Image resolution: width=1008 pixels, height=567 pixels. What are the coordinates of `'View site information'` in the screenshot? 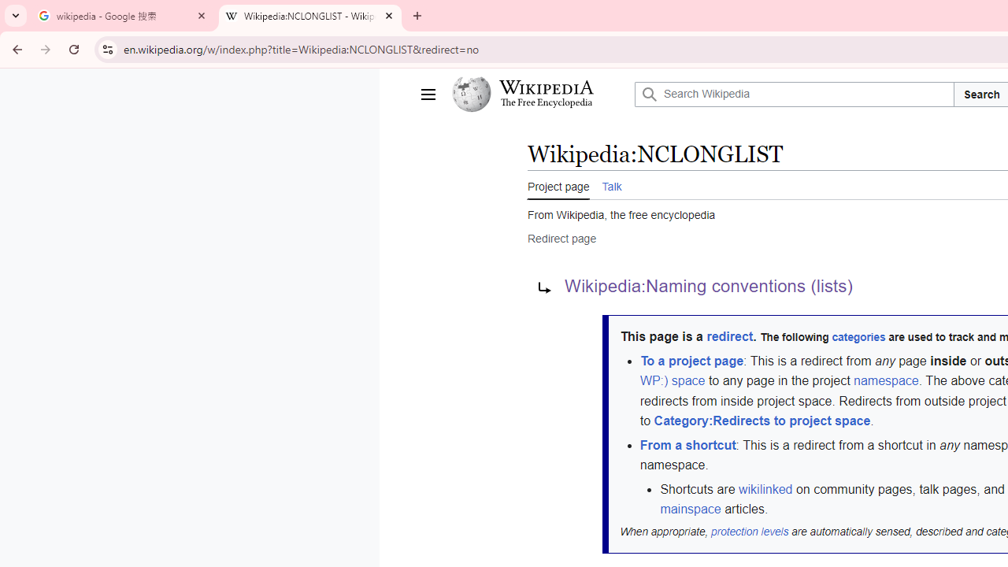 It's located at (106, 48).